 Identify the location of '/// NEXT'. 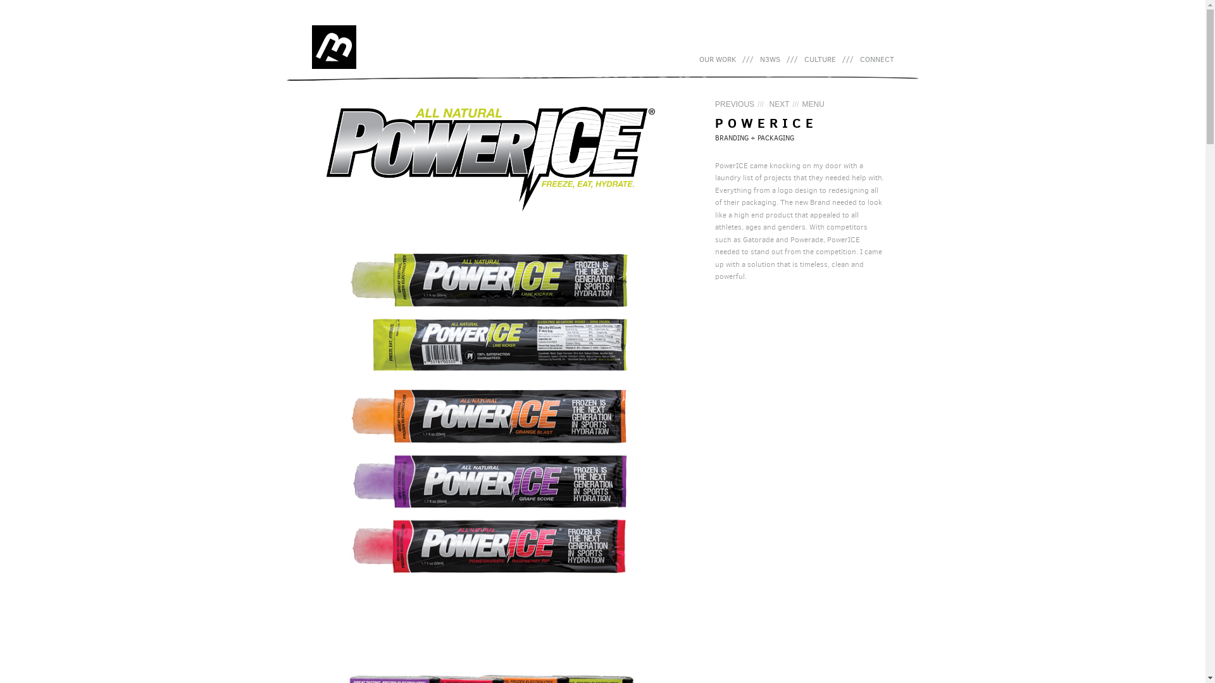
(771, 104).